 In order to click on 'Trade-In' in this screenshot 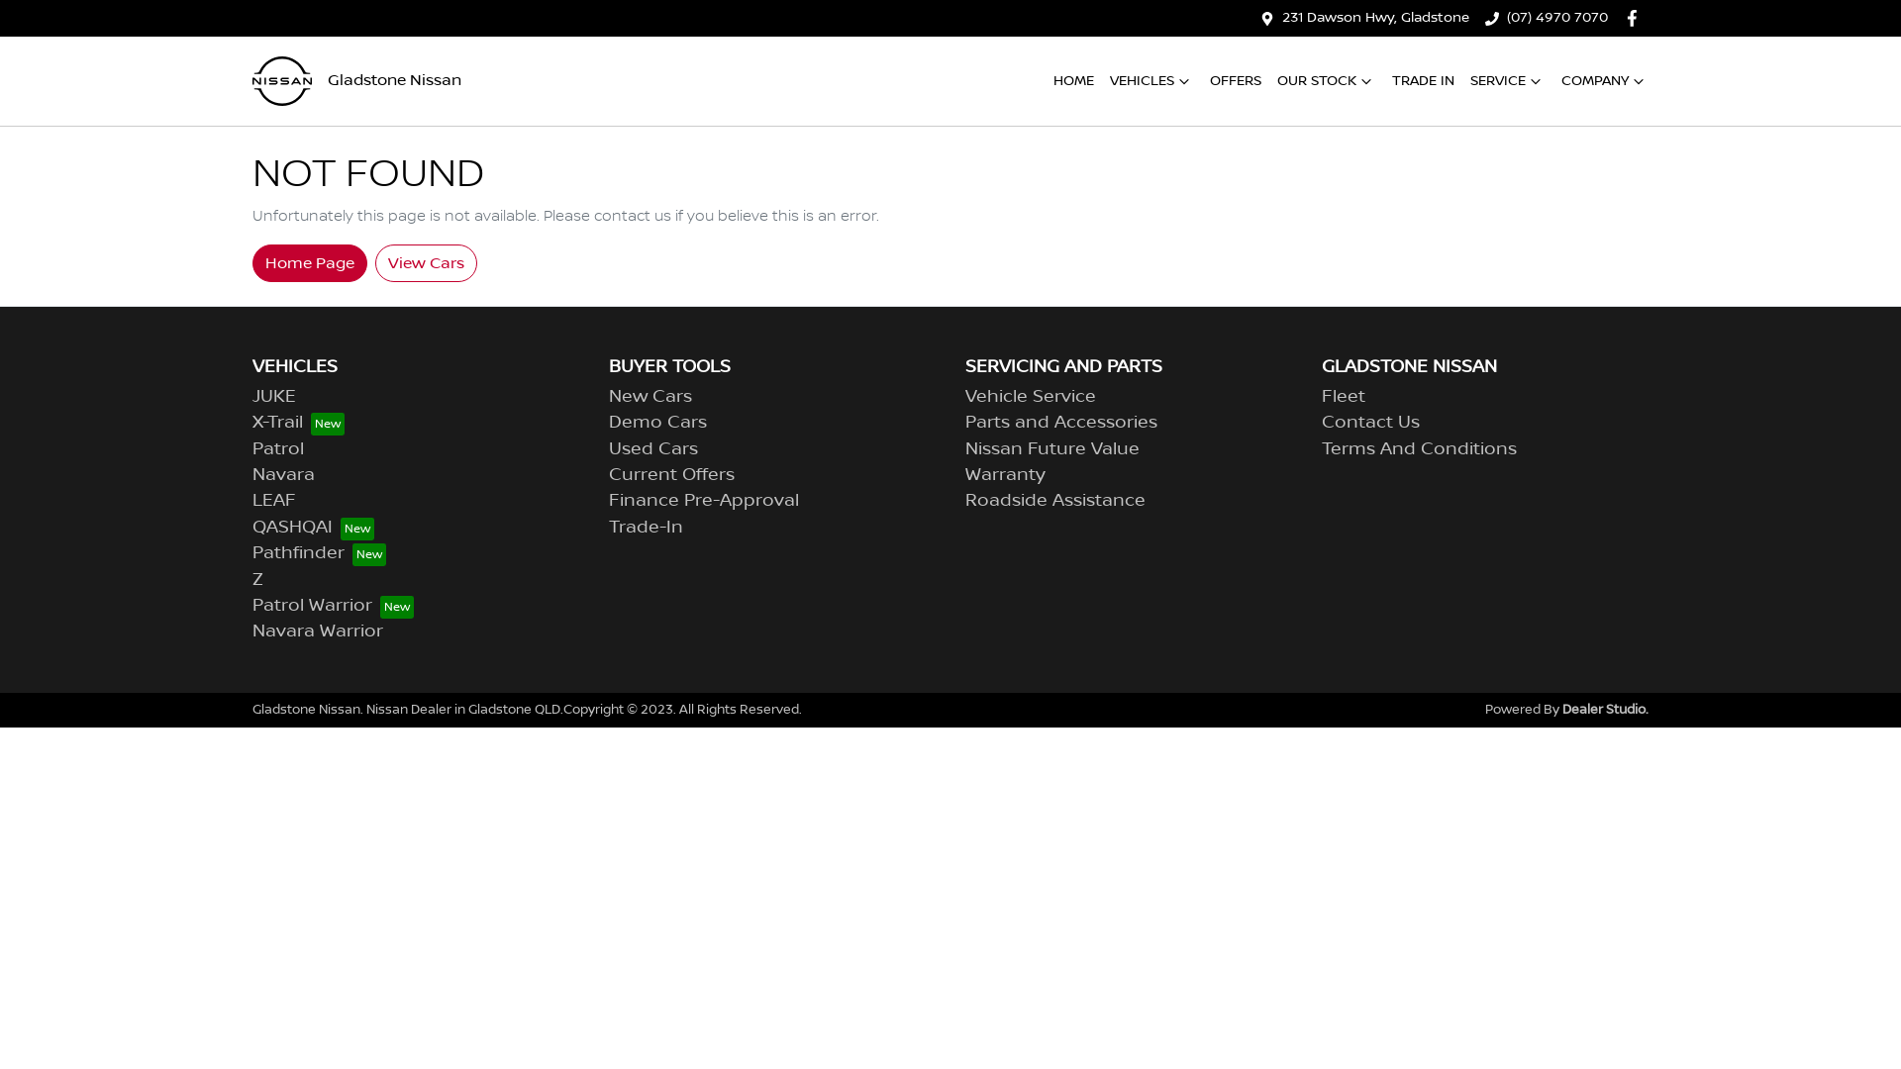, I will do `click(646, 526)`.